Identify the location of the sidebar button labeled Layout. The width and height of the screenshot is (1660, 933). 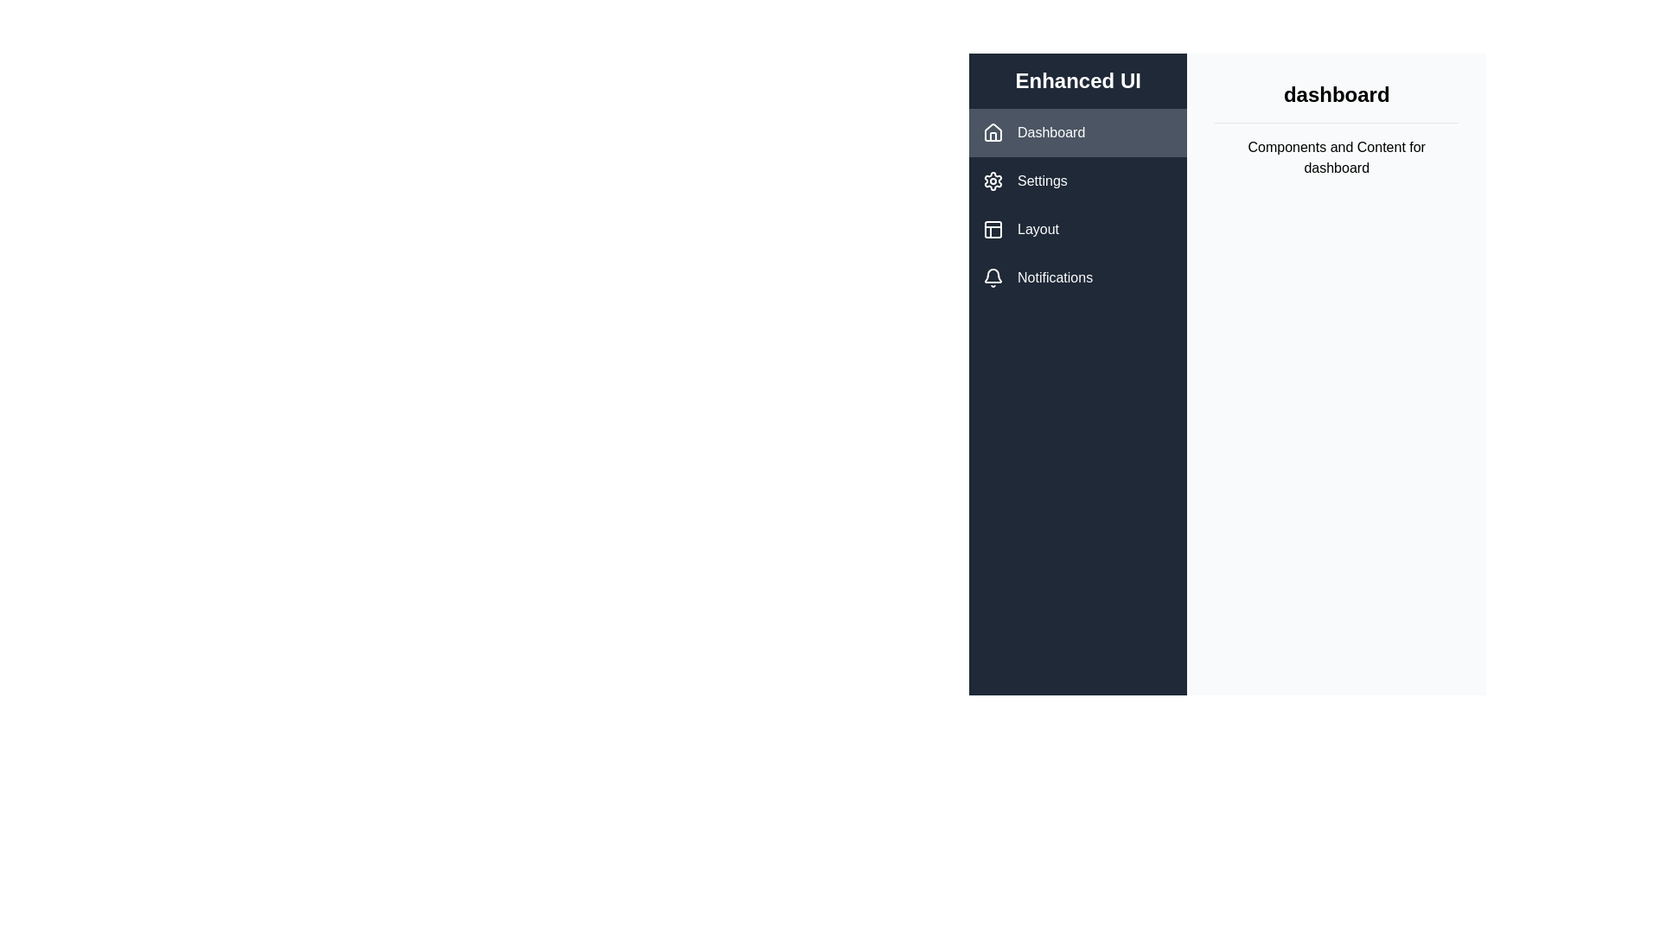
(1077, 229).